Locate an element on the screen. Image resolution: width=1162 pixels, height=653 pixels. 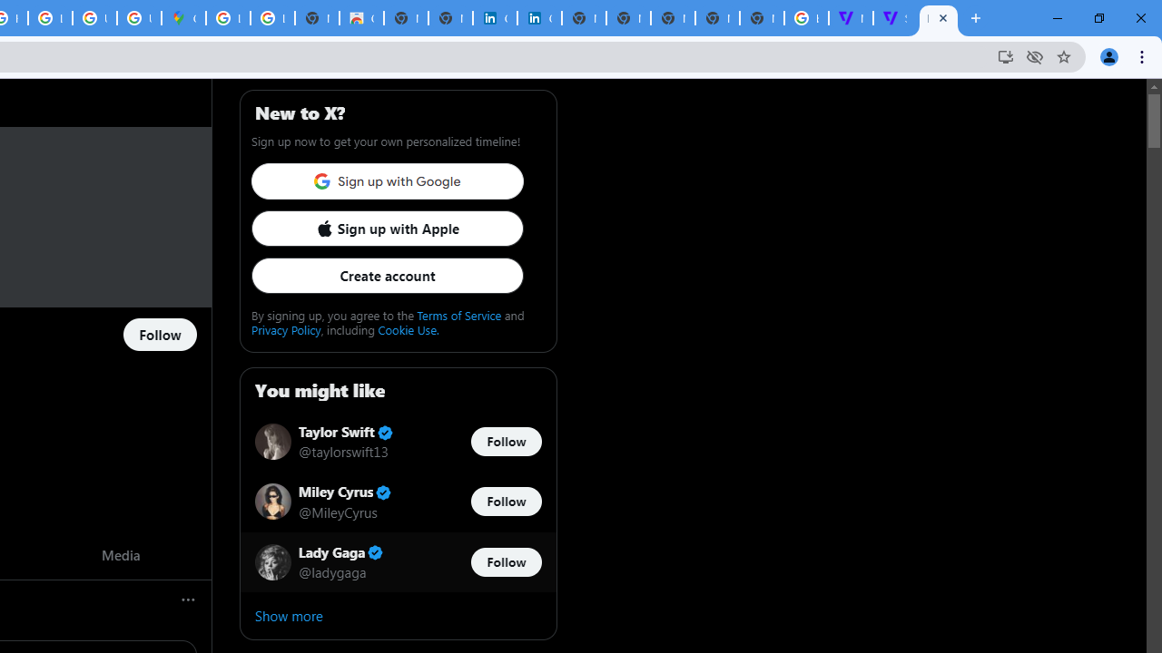
'Install X' is located at coordinates (1004, 55).